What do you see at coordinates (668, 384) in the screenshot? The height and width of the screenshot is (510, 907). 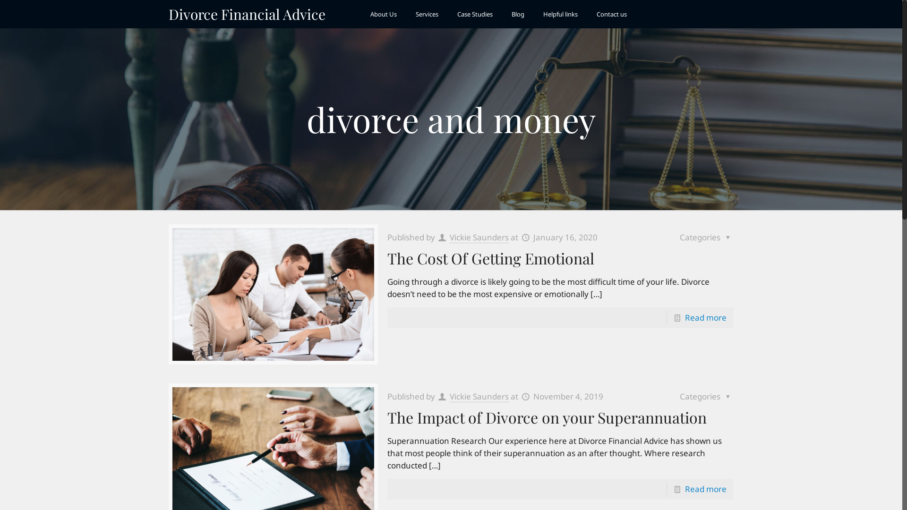 I see `'anthonys@privatewealthpartners.com.au'` at bounding box center [668, 384].